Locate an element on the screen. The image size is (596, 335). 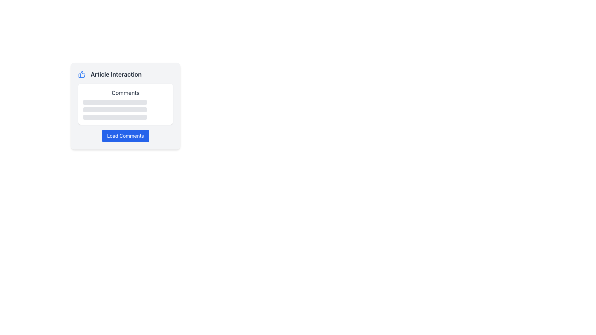
the second thin horizontal progress indicator bar with rounded edges, which is styled in light gray and located below the 'Comments' label in the dialog box is located at coordinates (115, 109).